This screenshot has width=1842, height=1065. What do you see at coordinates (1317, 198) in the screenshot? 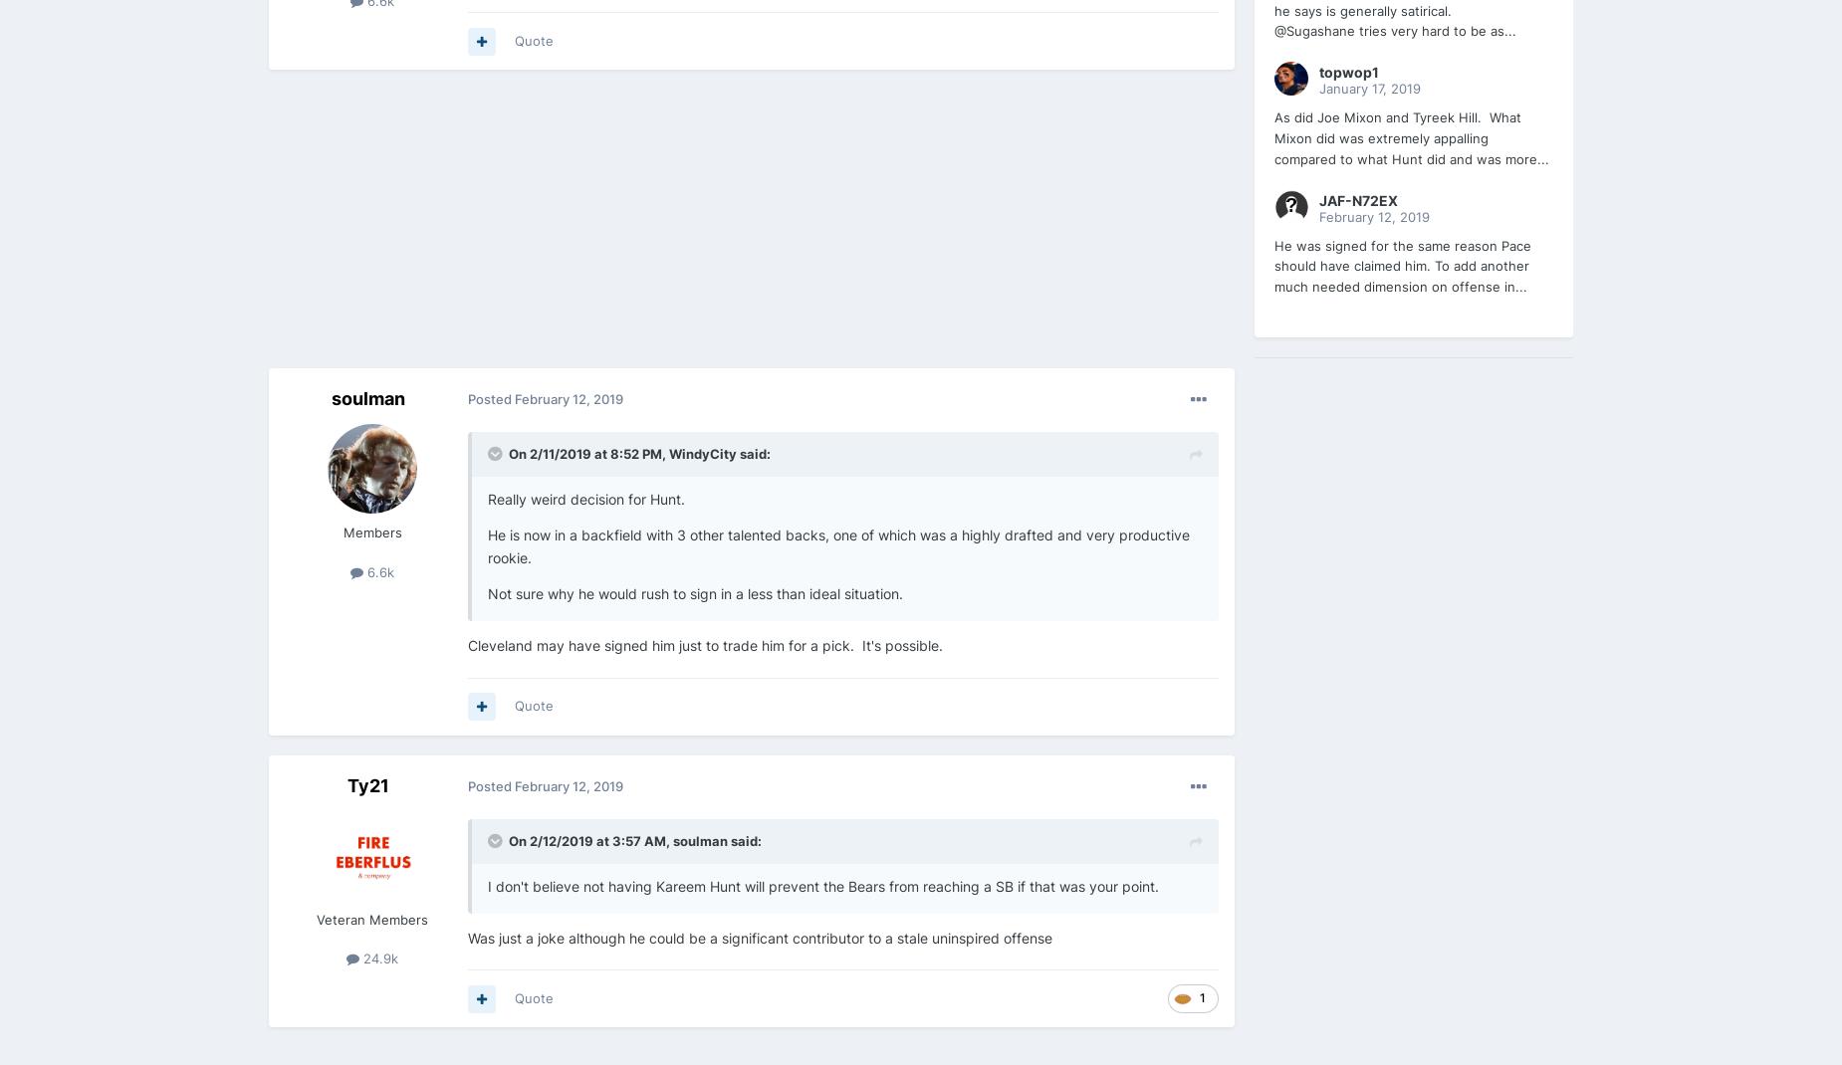
I see `'JAF-N72EX'` at bounding box center [1317, 198].